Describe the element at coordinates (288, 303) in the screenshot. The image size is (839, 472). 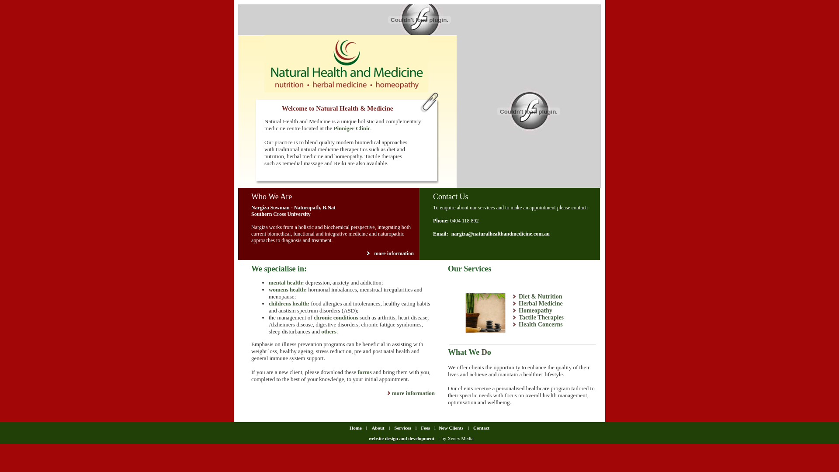
I see `'childrens health'` at that location.